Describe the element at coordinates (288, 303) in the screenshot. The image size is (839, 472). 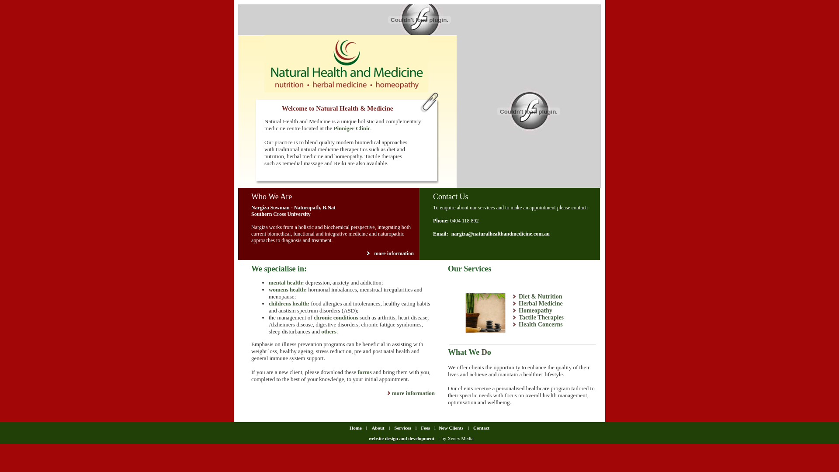
I see `'childrens health'` at that location.